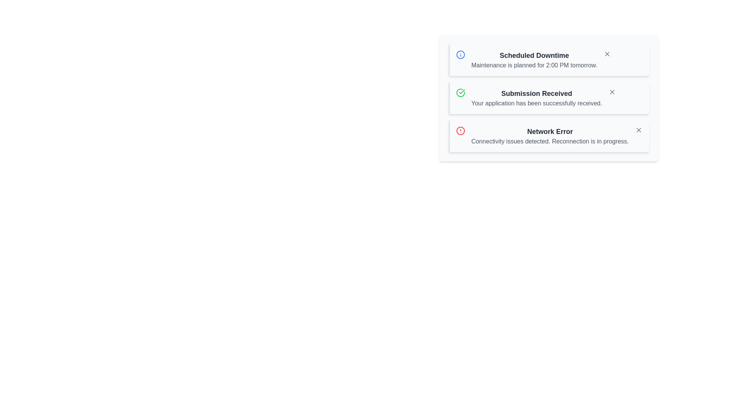  What do you see at coordinates (550, 136) in the screenshot?
I see `the third text-based notification element in the vertical list that notifies the user of connectivity issues` at bounding box center [550, 136].